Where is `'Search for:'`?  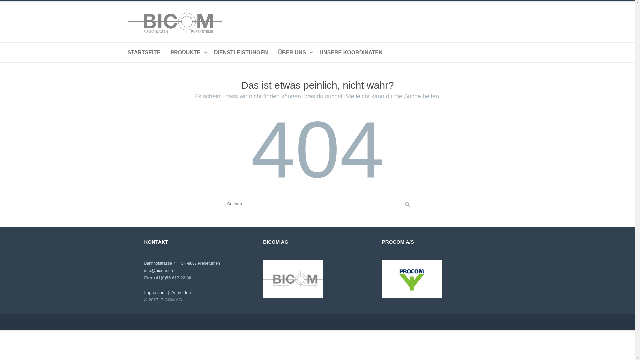 'Search for:' is located at coordinates (317, 203).